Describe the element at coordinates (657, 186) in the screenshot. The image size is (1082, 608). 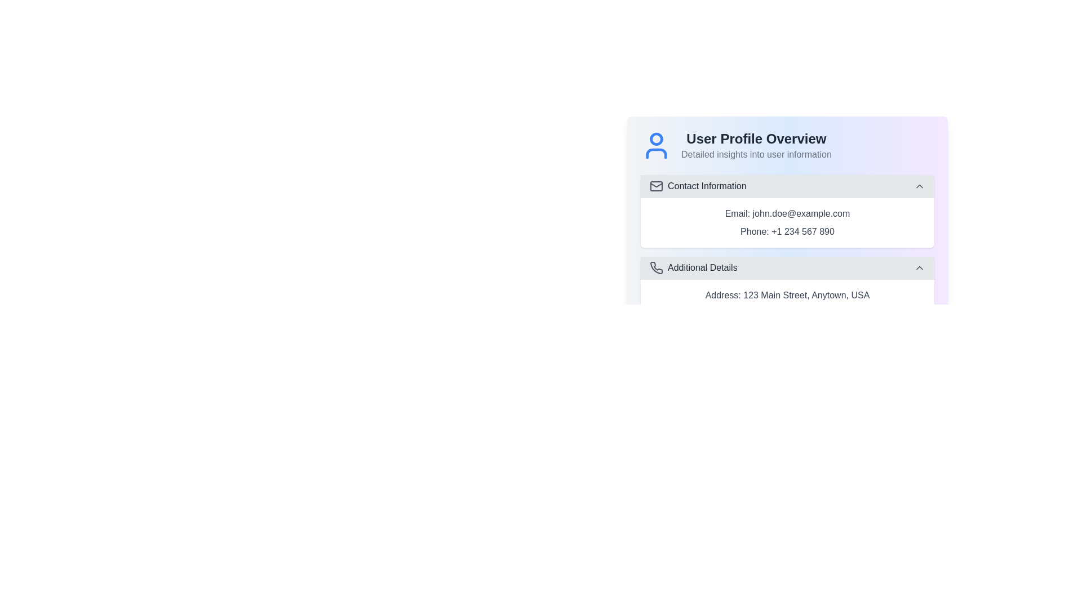
I see `the graphic element that forms the rectangular body of the envelope icon, which is located next to the 'Contact Information' header in the user interface` at that location.